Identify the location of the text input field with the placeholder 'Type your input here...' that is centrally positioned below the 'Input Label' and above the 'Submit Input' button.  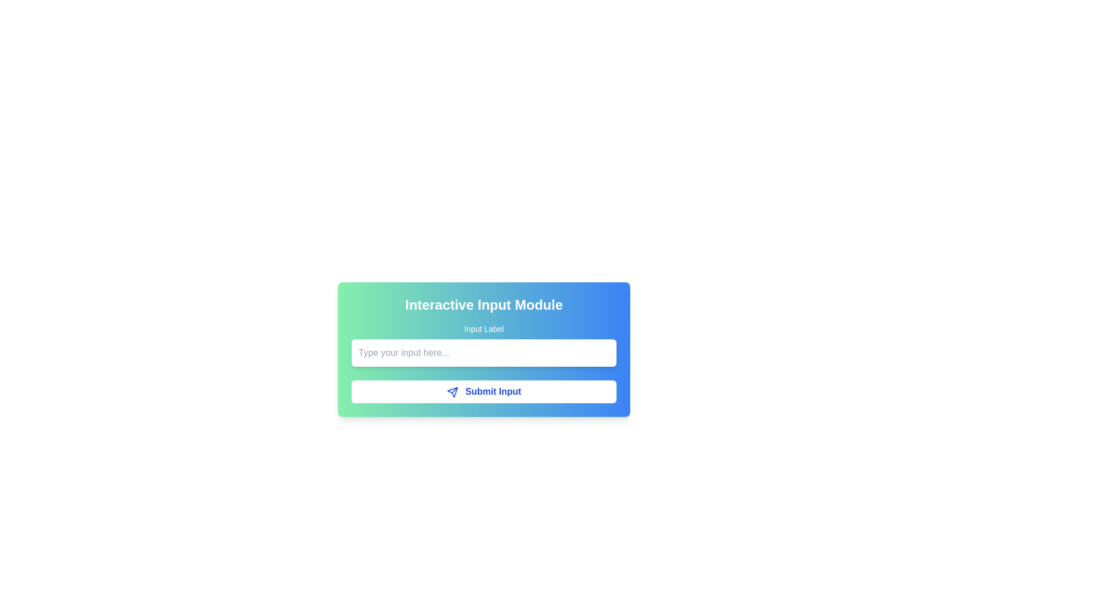
(484, 352).